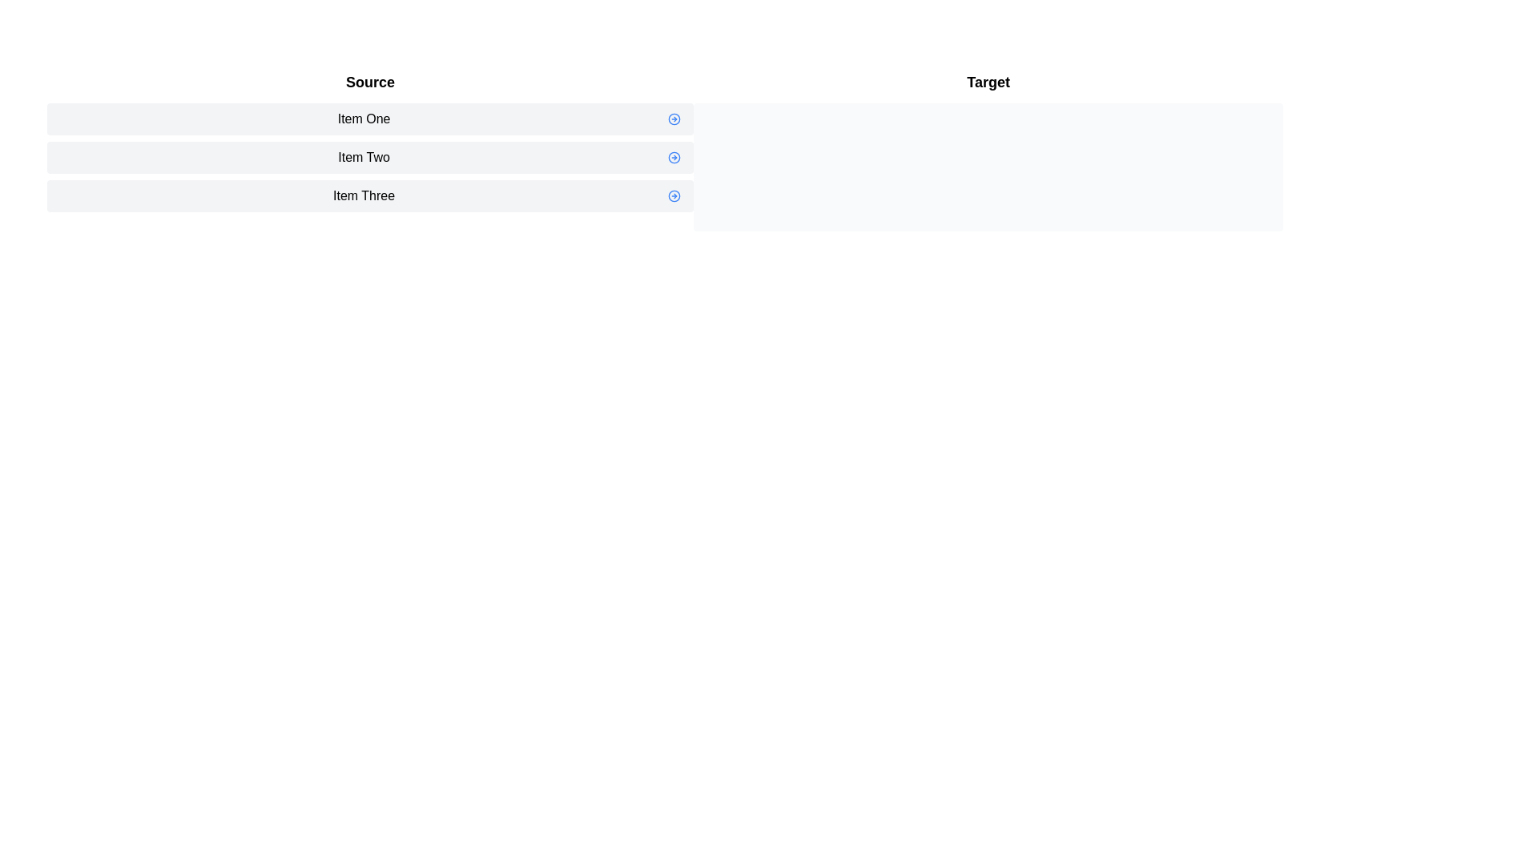 Image resolution: width=1538 pixels, height=865 pixels. What do you see at coordinates (988, 82) in the screenshot?
I see `the bold text label element containing the content 'Target' located at the top-left section of the interface` at bounding box center [988, 82].